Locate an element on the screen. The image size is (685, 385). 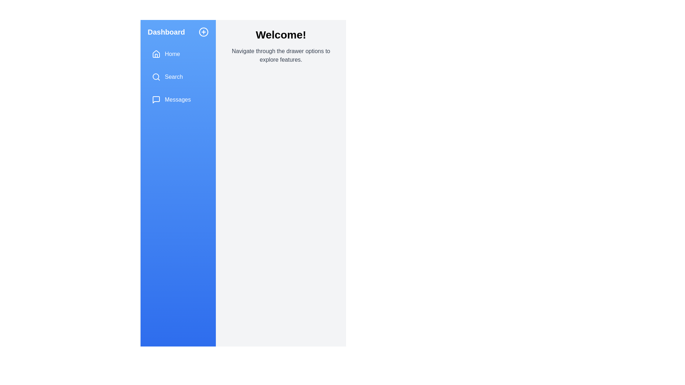
the 'Home' option in the drawer to navigate to the Home section is located at coordinates (178, 53).